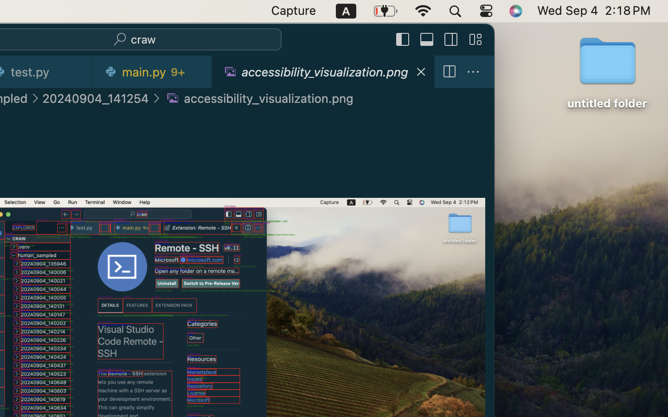 This screenshot has height=417, width=668. Describe the element at coordinates (427, 39) in the screenshot. I see `''` at that location.